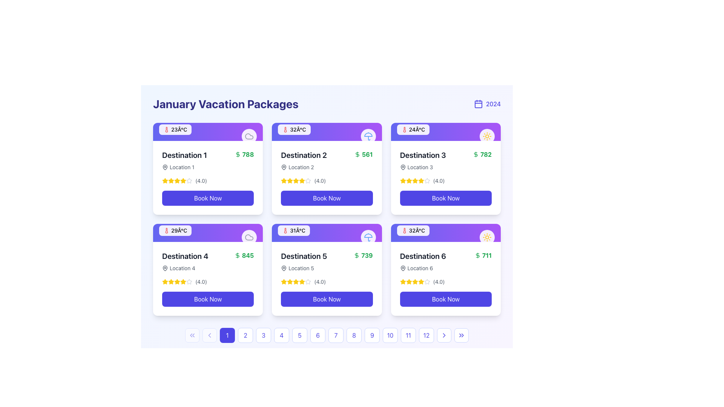 This screenshot has width=724, height=407. Describe the element at coordinates (189, 282) in the screenshot. I see `the fifth star icon` at that location.